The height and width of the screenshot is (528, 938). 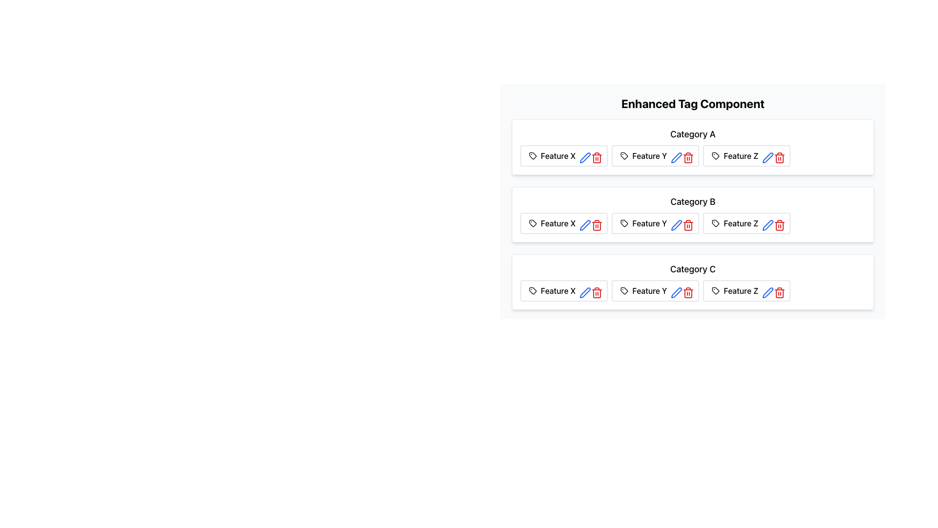 I want to click on the pen icon located to the far-right of the 'Feature Z' tag in the 'Category A' section of the 'Enhanced Tag Component', so click(x=767, y=157).